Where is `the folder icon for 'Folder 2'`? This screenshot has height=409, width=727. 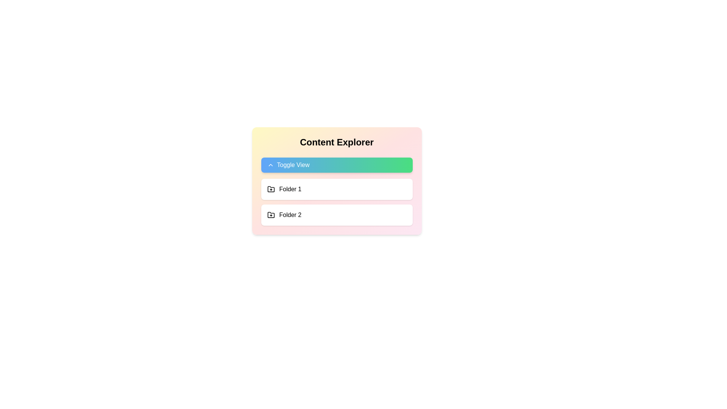
the folder icon for 'Folder 2' is located at coordinates (284, 215).